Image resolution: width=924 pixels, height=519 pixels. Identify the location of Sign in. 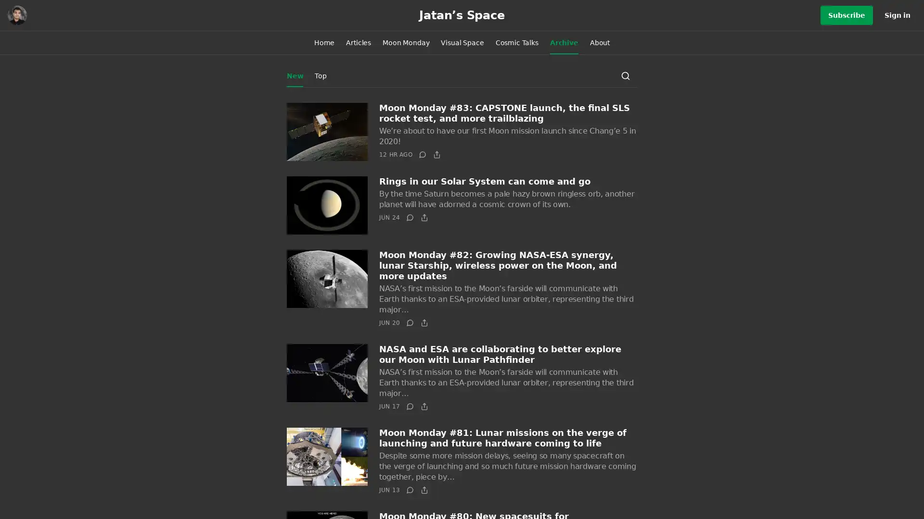
(897, 15).